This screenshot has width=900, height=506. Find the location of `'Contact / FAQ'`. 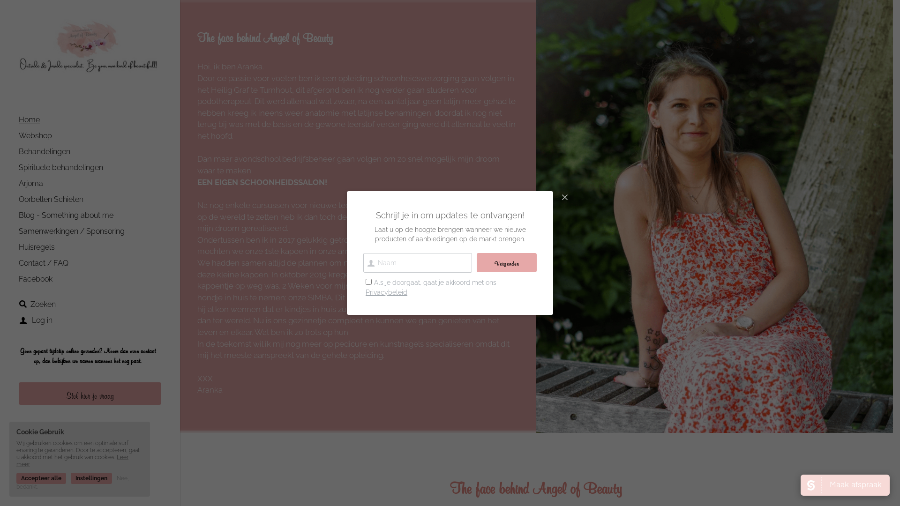

'Contact / FAQ' is located at coordinates (43, 263).